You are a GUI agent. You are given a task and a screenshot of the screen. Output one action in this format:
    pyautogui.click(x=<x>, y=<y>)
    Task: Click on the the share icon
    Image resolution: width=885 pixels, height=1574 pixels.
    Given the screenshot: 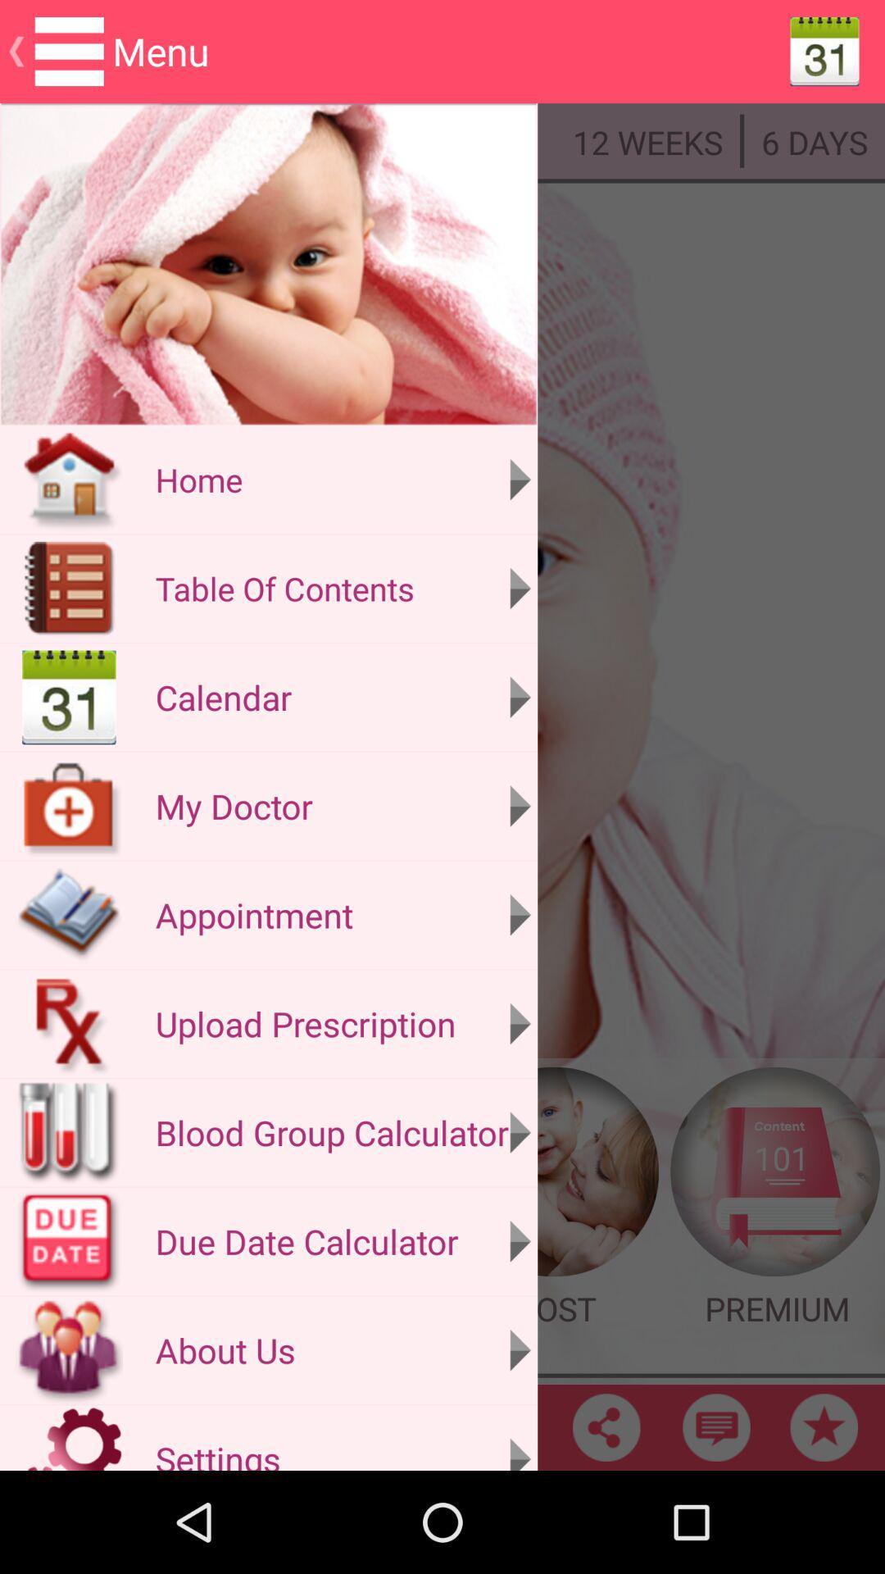 What is the action you would take?
    pyautogui.click(x=606, y=1526)
    